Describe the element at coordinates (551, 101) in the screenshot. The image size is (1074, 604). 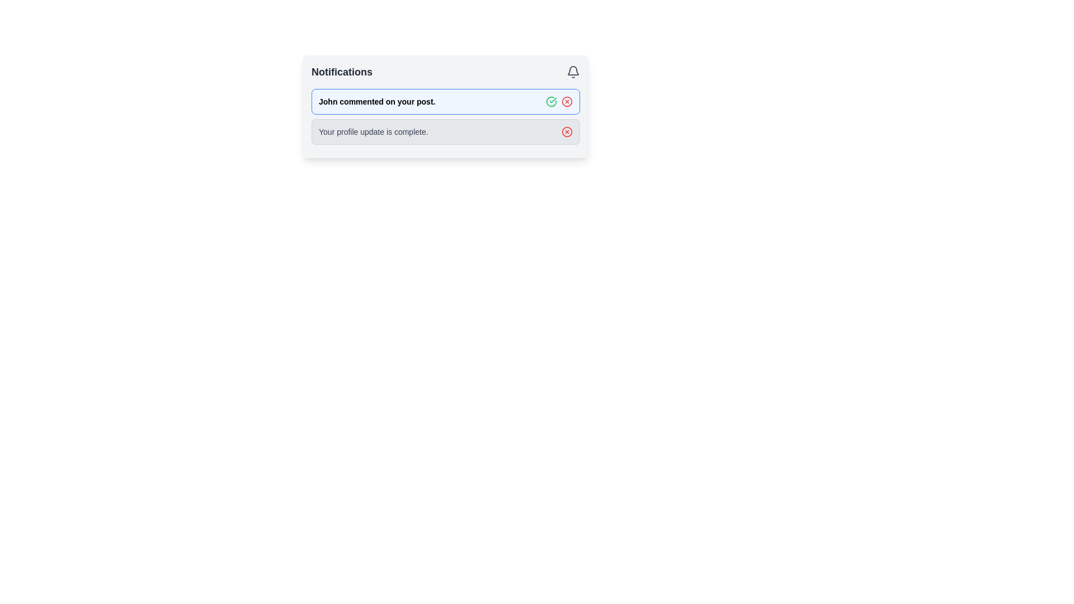
I see `the confirmation button icon located adjacent to the text 'John commented on your post.' in the notification pane for keyboard navigation support` at that location.